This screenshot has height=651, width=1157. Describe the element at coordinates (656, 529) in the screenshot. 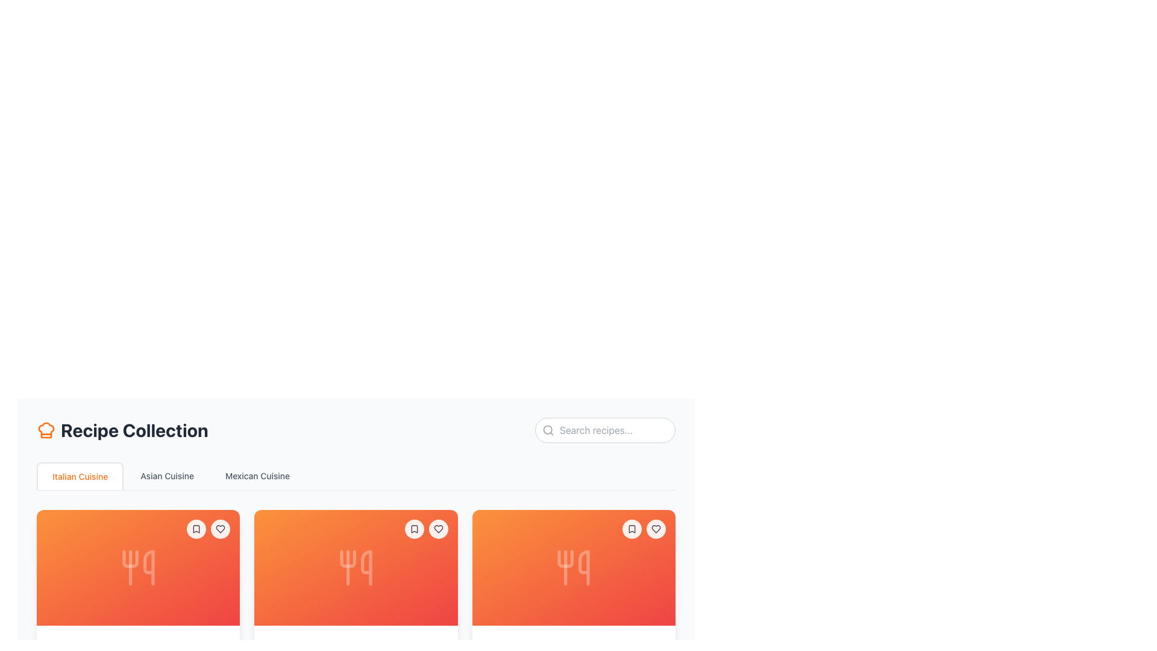

I see `the heart-shaped icon outlined in dark color on the orange recipe card to mark the recipe as favorite` at that location.